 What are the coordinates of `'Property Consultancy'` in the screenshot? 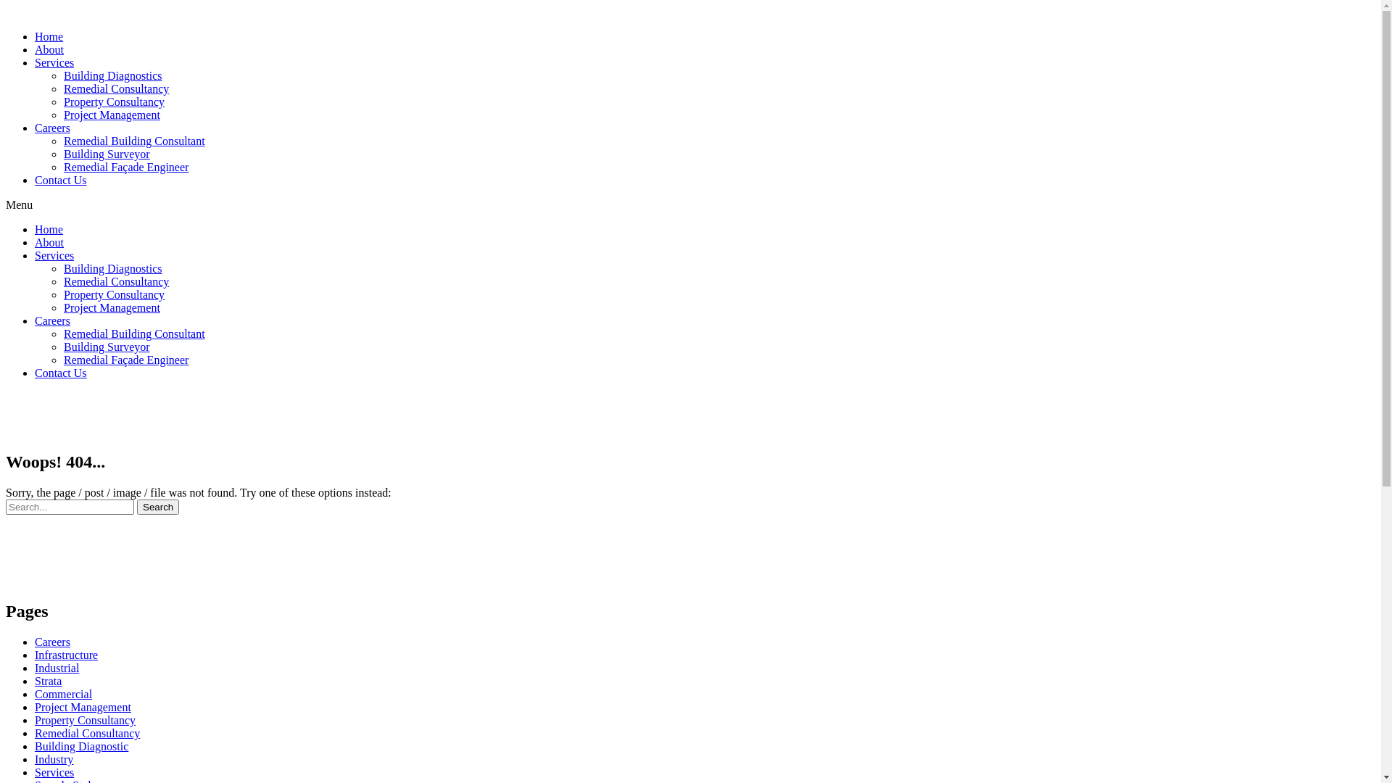 It's located at (113, 294).